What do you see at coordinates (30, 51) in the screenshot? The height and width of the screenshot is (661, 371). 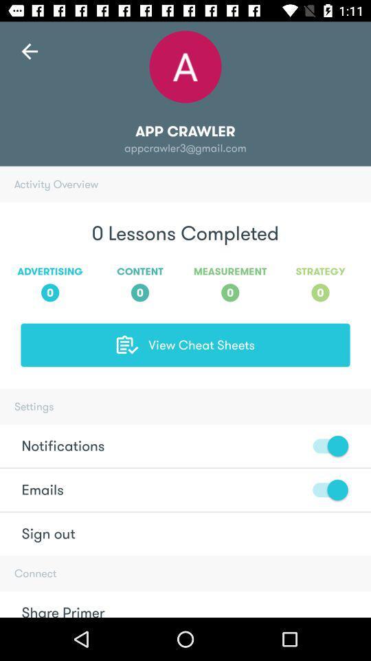 I see `the arrow_backward icon` at bounding box center [30, 51].